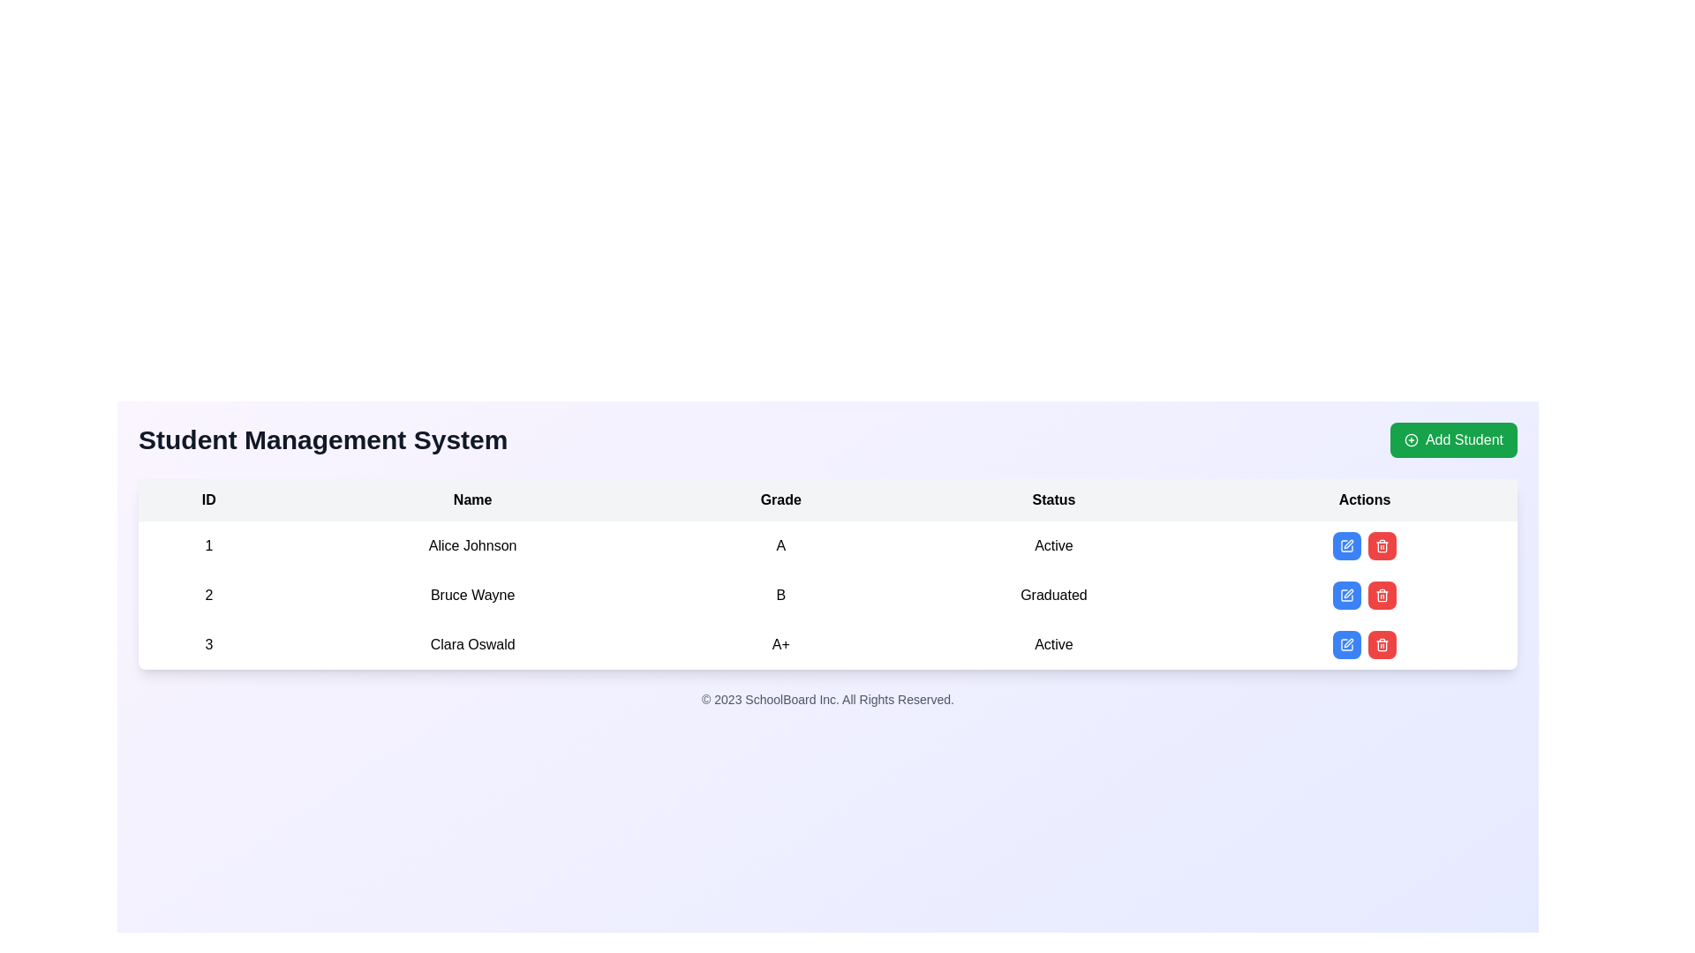 This screenshot has height=953, width=1695. What do you see at coordinates (1053, 596) in the screenshot?
I see `the static text element displaying the status of the individual in the second row of the table, located under the 'Status' column` at bounding box center [1053, 596].